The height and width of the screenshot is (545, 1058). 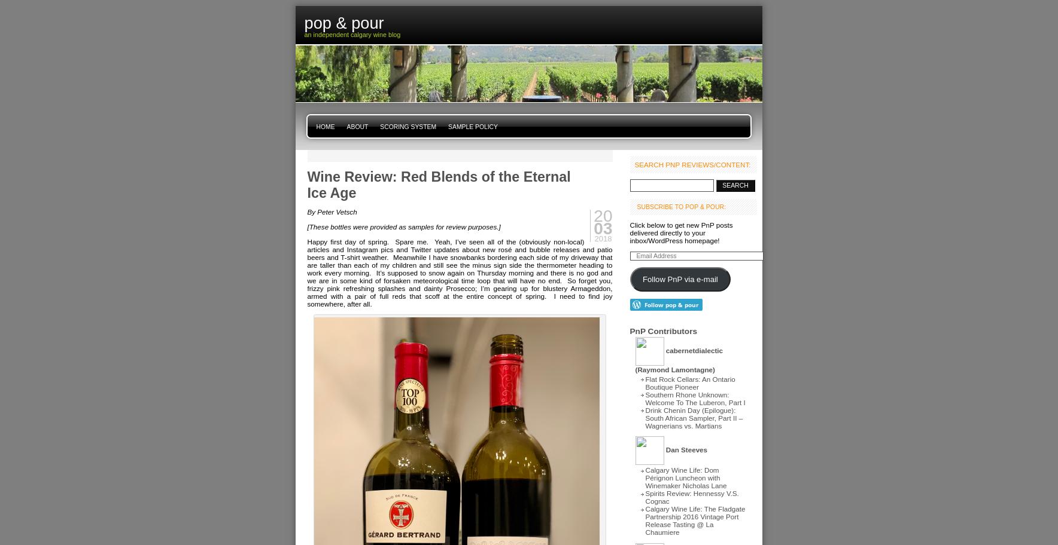 I want to click on 'Subscribe to Pop & Pour:', so click(x=636, y=206).